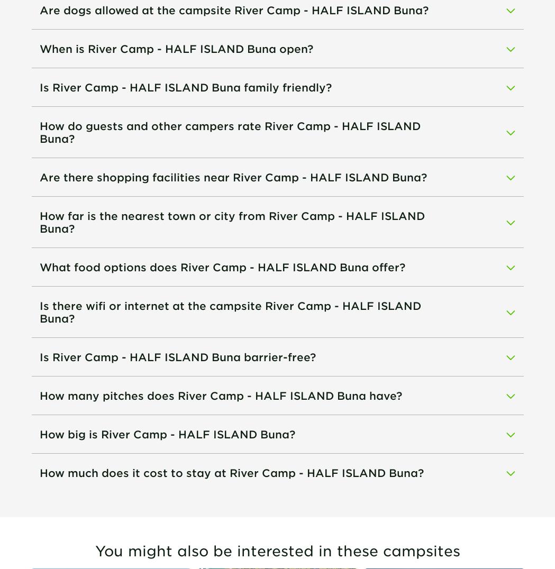 Image resolution: width=555 pixels, height=569 pixels. What do you see at coordinates (229, 132) in the screenshot?
I see `'How do guests and other campers rate River Camp - HALF ISLAND Buna?'` at bounding box center [229, 132].